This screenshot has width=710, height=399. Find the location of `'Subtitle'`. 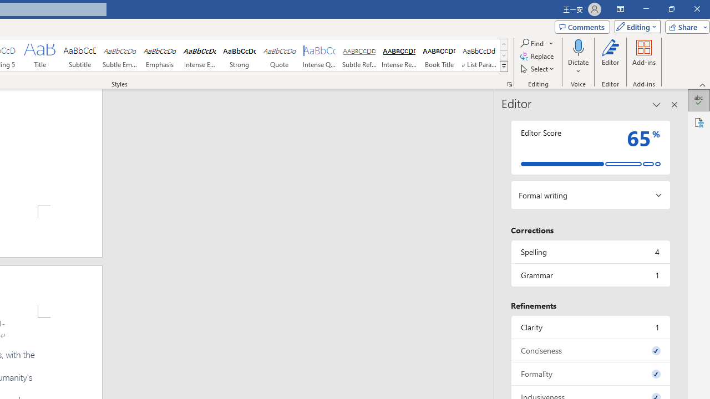

'Subtitle' is located at coordinates (79, 55).